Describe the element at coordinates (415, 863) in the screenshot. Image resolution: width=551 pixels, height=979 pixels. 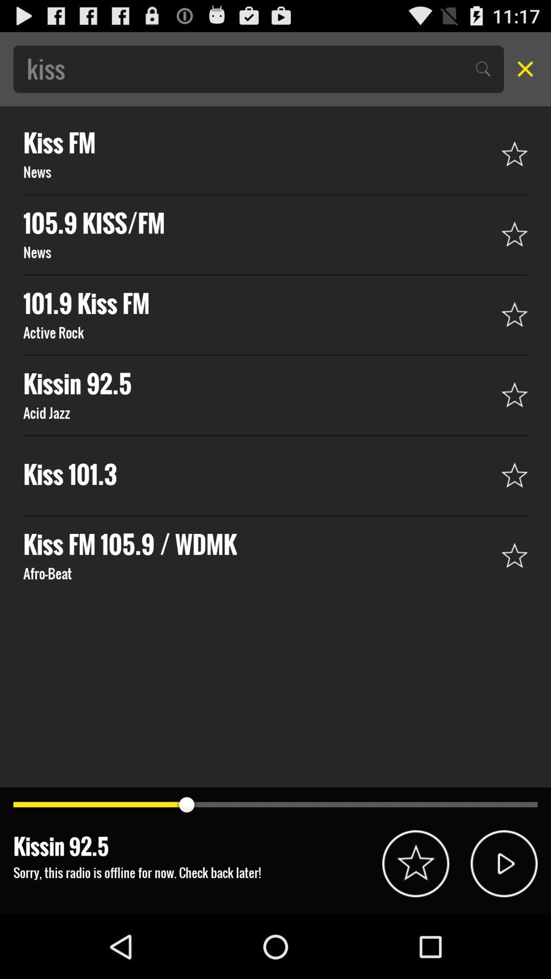
I see `favorites option` at that location.